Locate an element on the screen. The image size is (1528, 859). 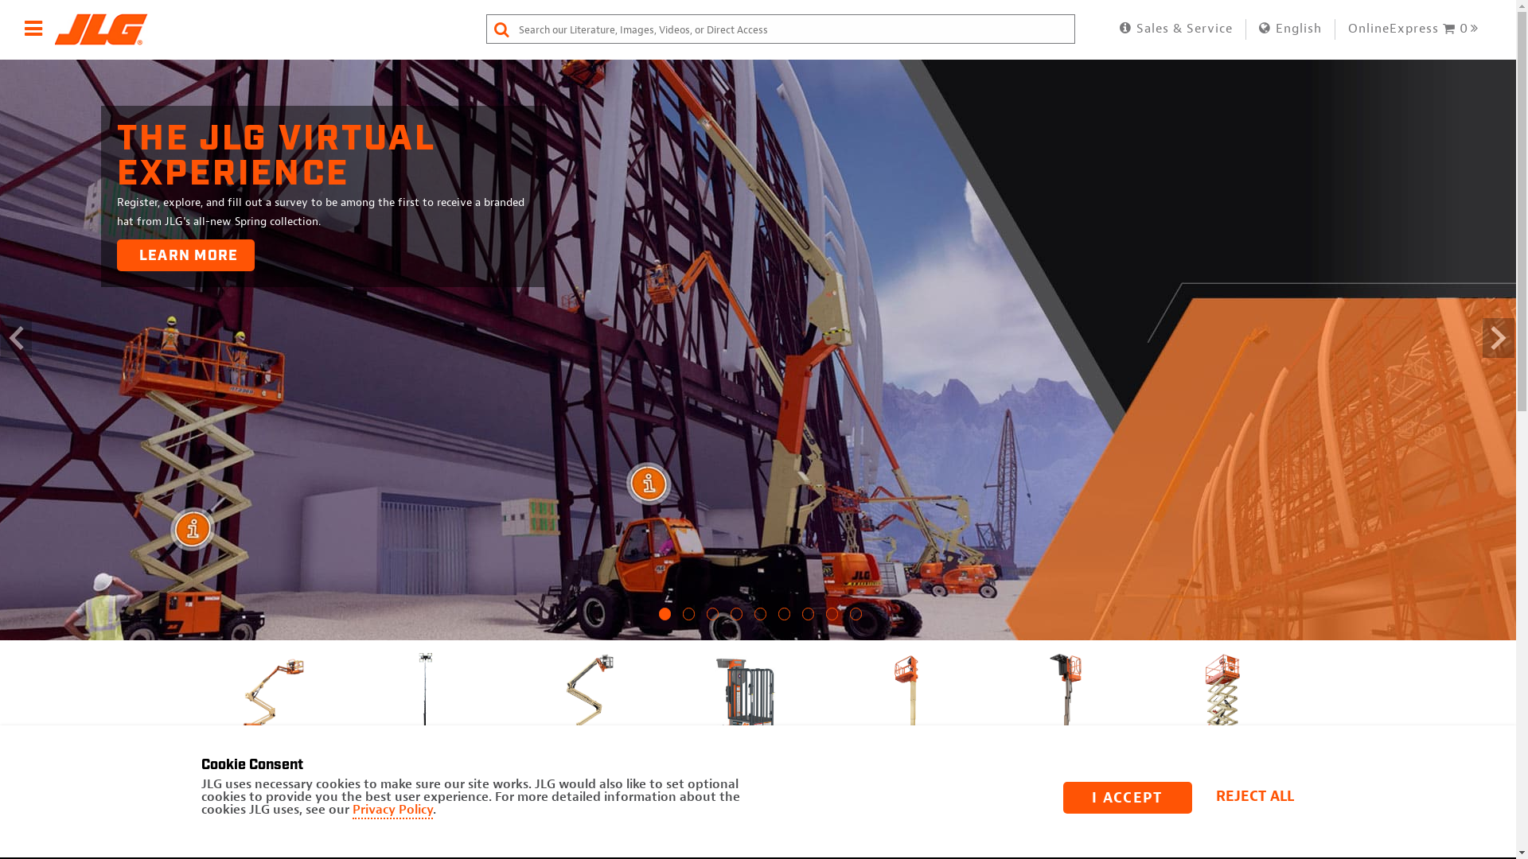
'Next' is located at coordinates (1303, 777).